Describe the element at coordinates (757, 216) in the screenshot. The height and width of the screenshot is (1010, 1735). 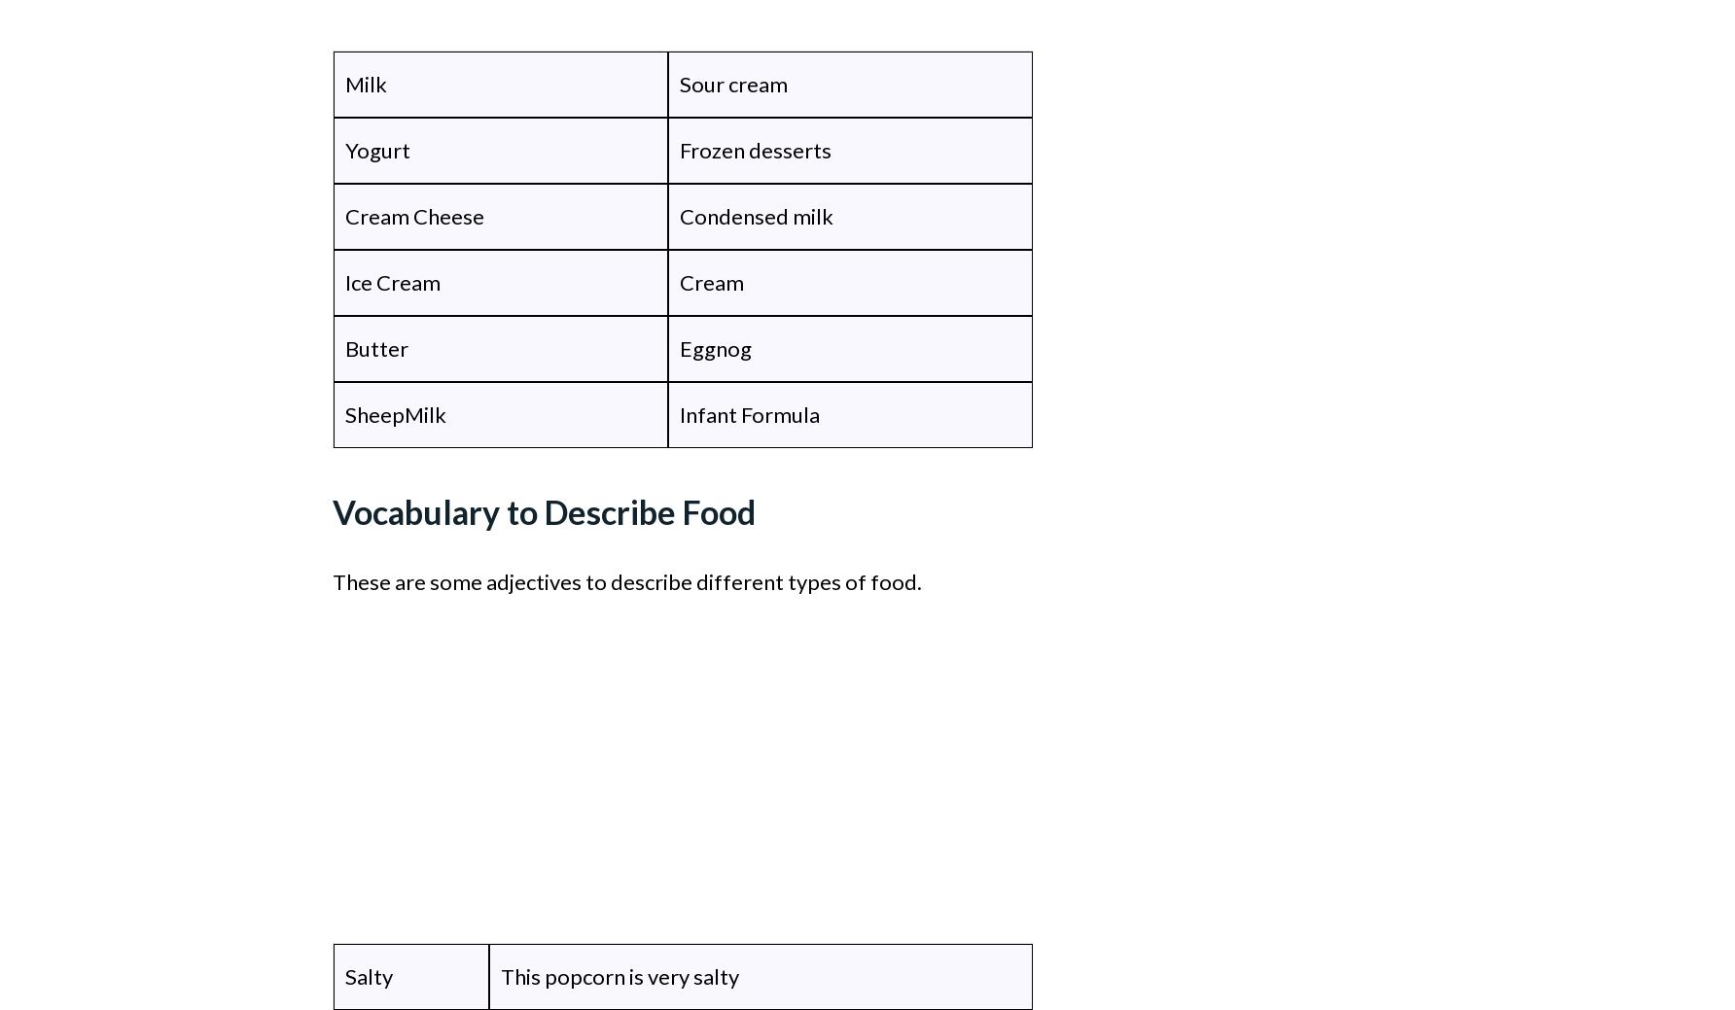
I see `'Condensed milk'` at that location.